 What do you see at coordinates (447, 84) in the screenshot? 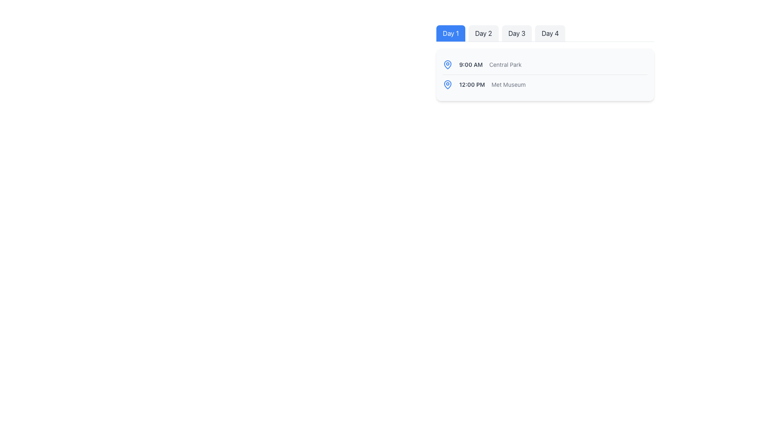
I see `the blue outline map pin icon located to the left of the '9:00 AM' text within the 'Central Park' entry` at bounding box center [447, 84].